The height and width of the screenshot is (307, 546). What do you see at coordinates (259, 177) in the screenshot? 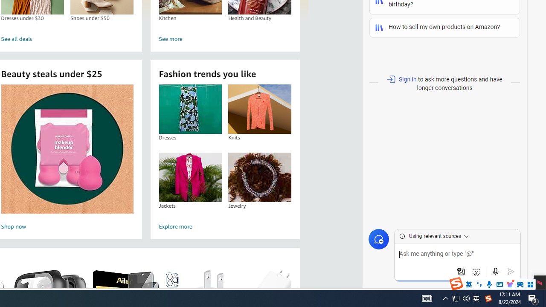
I see `'Jewelry'` at bounding box center [259, 177].